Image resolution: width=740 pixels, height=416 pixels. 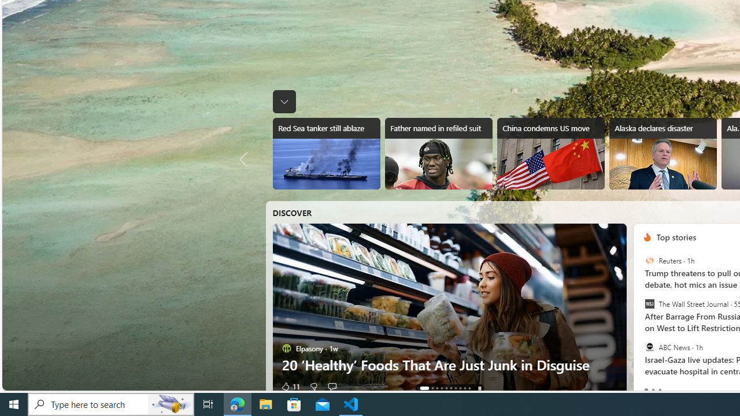 I want to click on 'Top stories', so click(x=676, y=236).